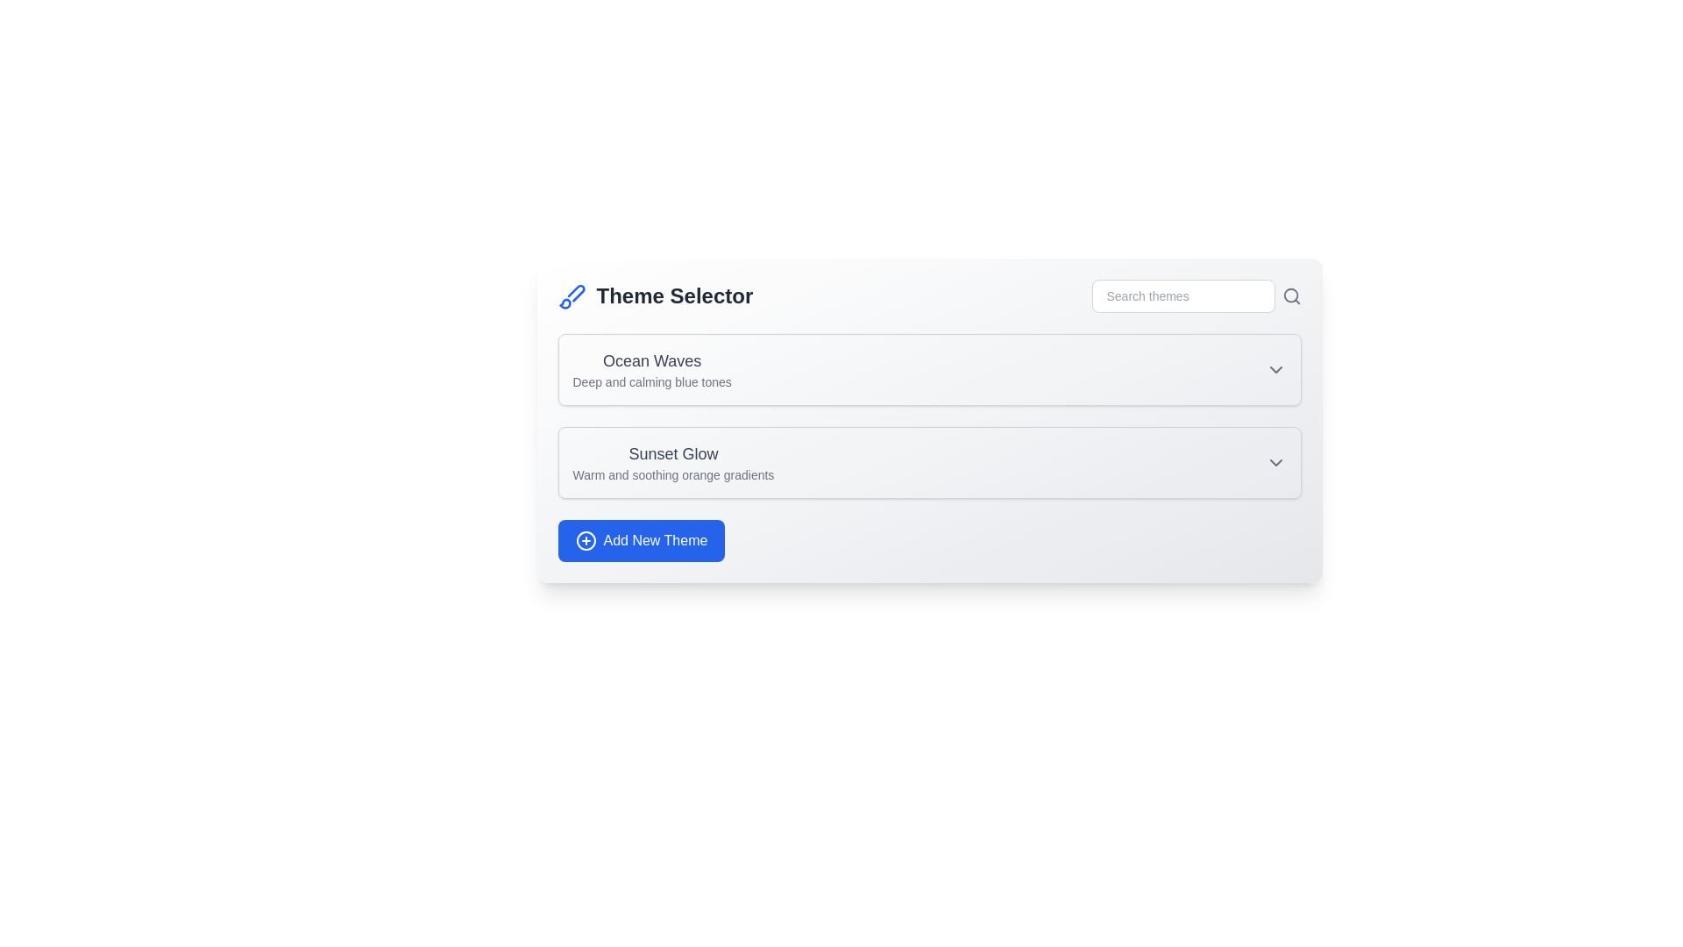 The image size is (1683, 947). Describe the element at coordinates (651, 381) in the screenshot. I see `the descriptive text label for the 'Ocean Waves' theme, which is located directly below the 'Ocean Waves' heading in the 'Theme Selector' interface` at that location.